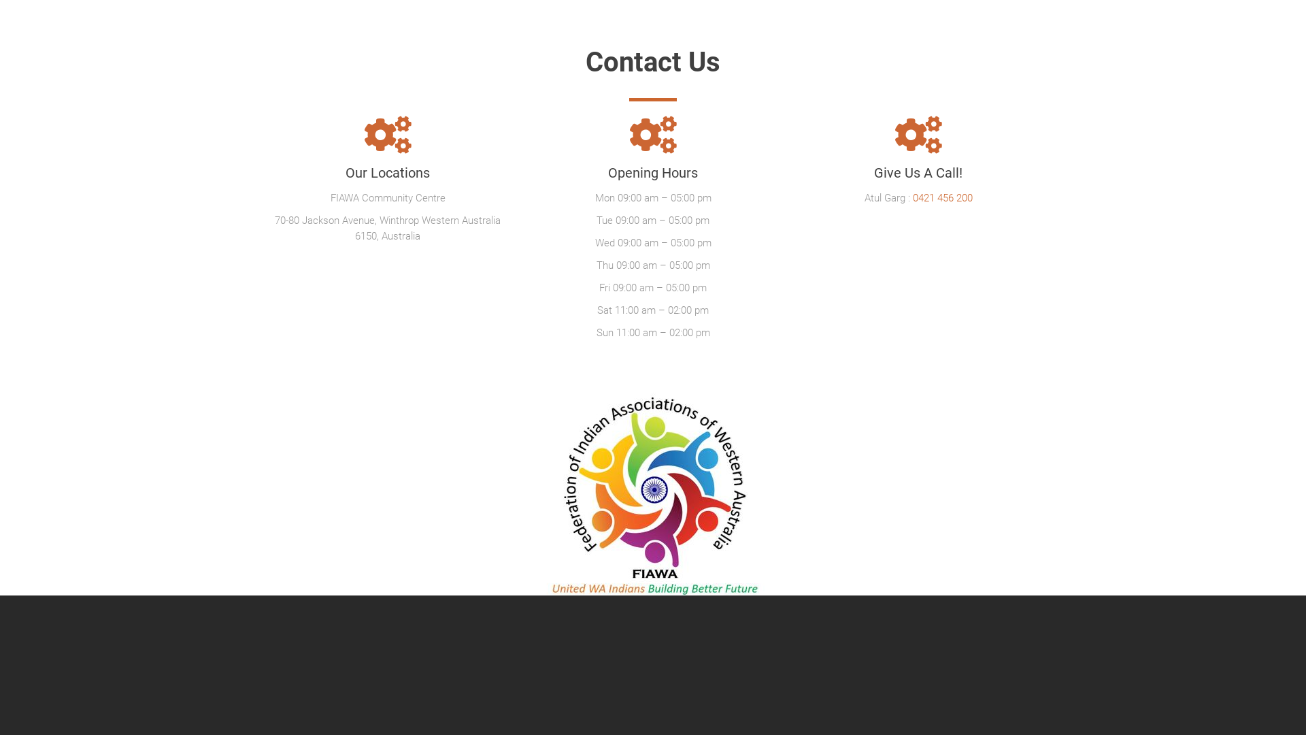  Describe the element at coordinates (942, 197) in the screenshot. I see `'0421 456 200'` at that location.